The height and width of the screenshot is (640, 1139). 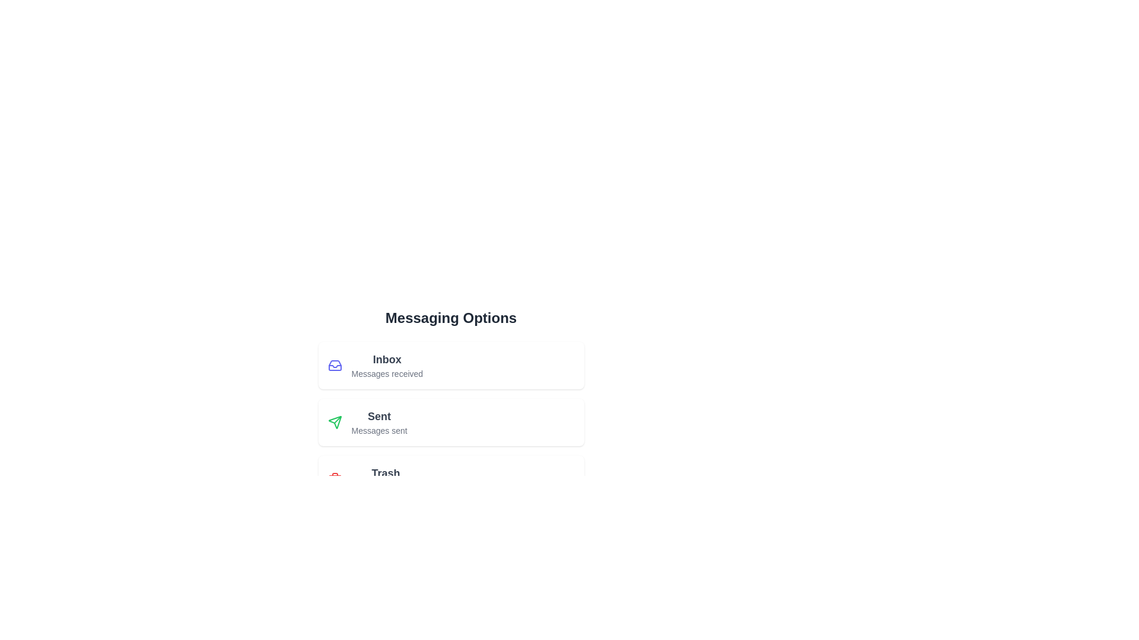 I want to click on the menu item labeled Trash, so click(x=450, y=479).